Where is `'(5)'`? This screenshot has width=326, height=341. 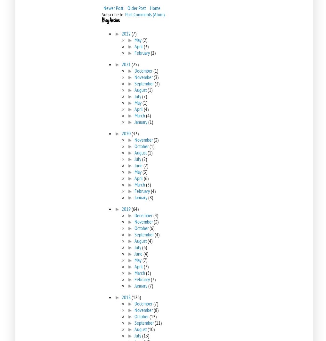 '(5)' is located at coordinates (148, 273).